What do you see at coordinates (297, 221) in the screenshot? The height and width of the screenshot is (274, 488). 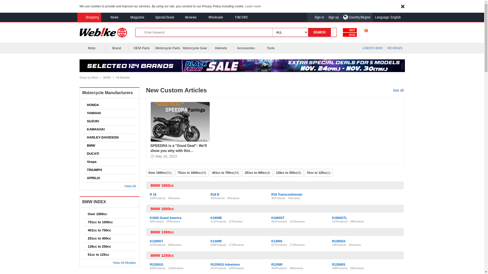 I see `'101Reviews'` at bounding box center [297, 221].